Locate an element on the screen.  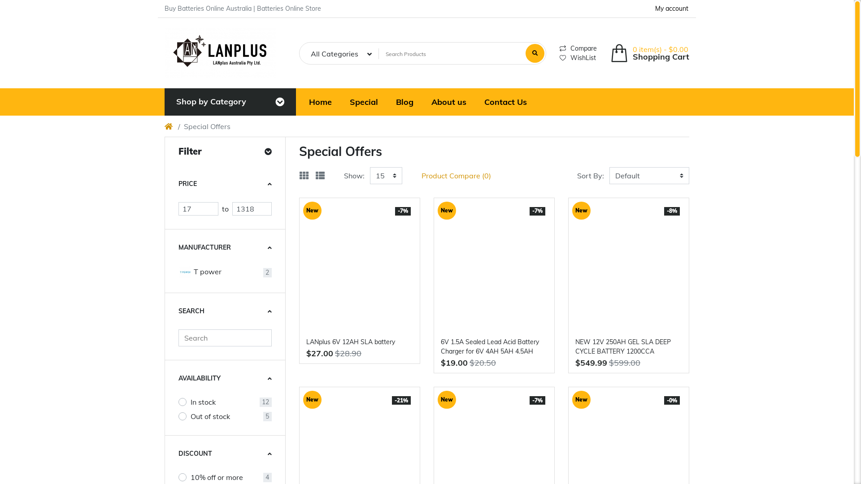
'Poco theme' is located at coordinates (220, 53).